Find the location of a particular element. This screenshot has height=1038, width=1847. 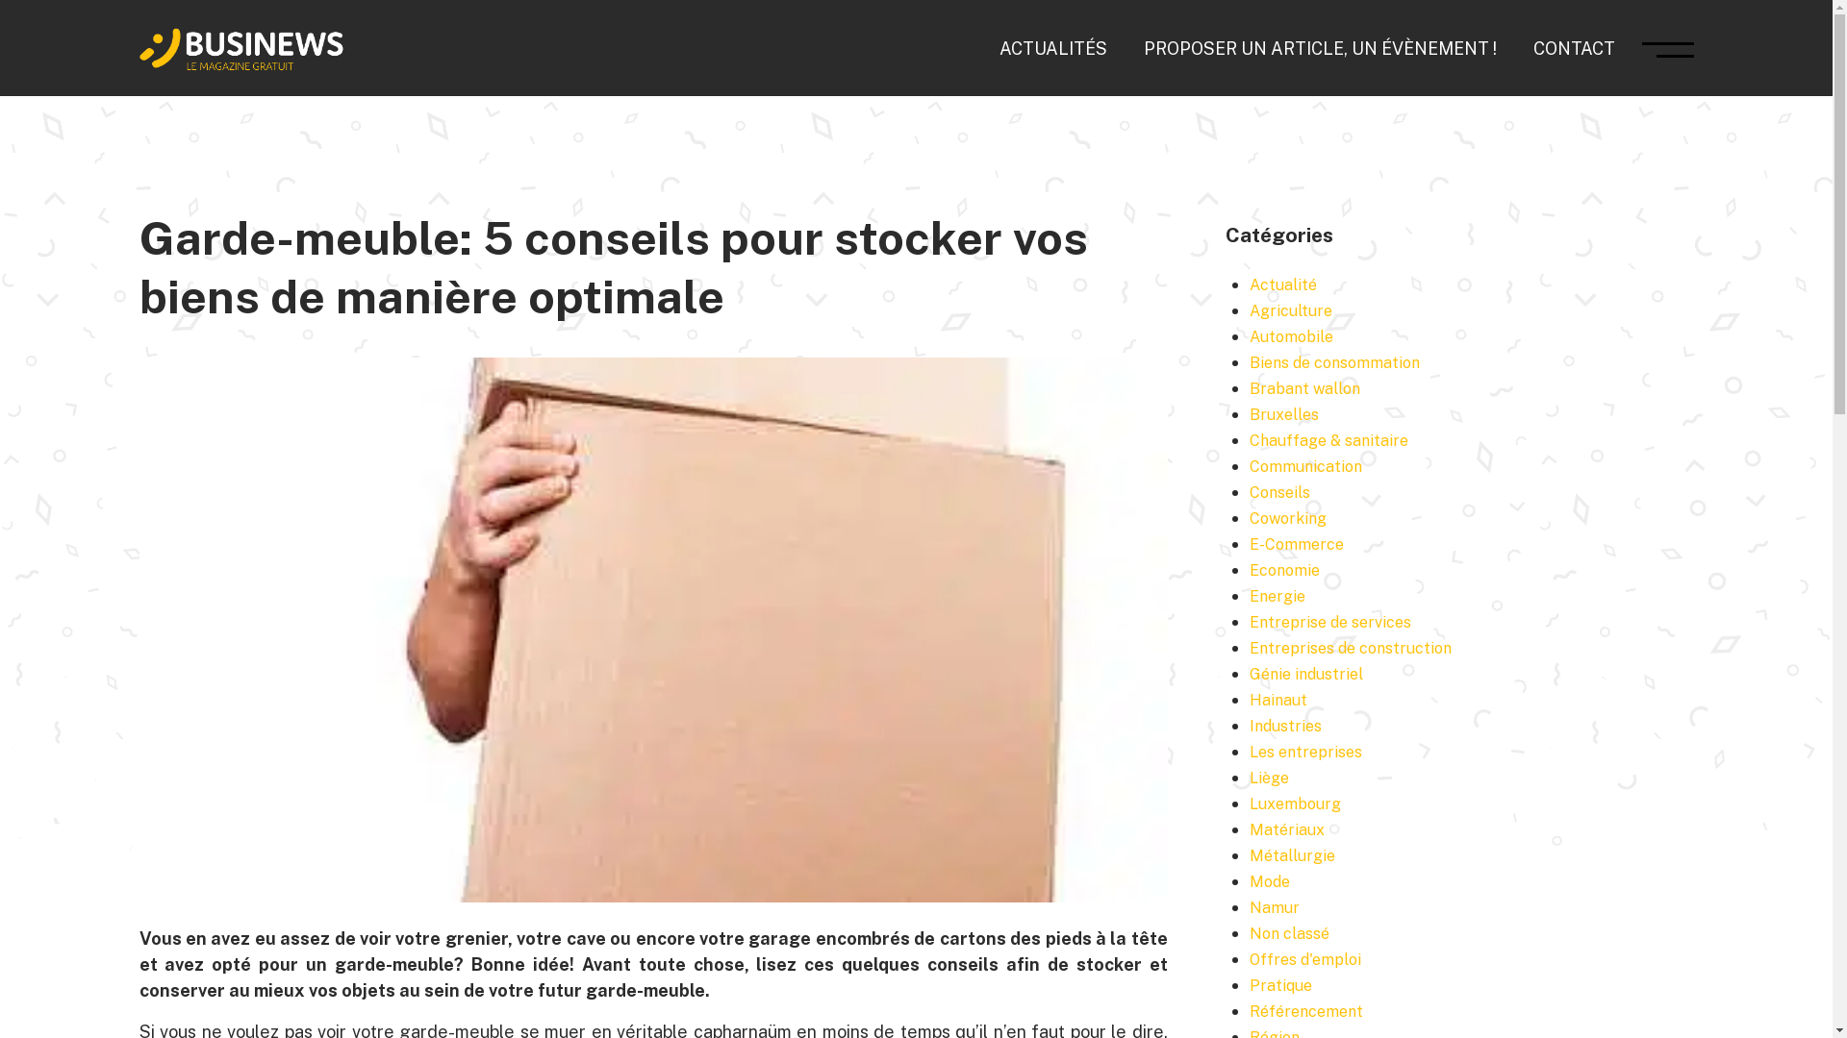

'E-Commerce' is located at coordinates (1297, 544).